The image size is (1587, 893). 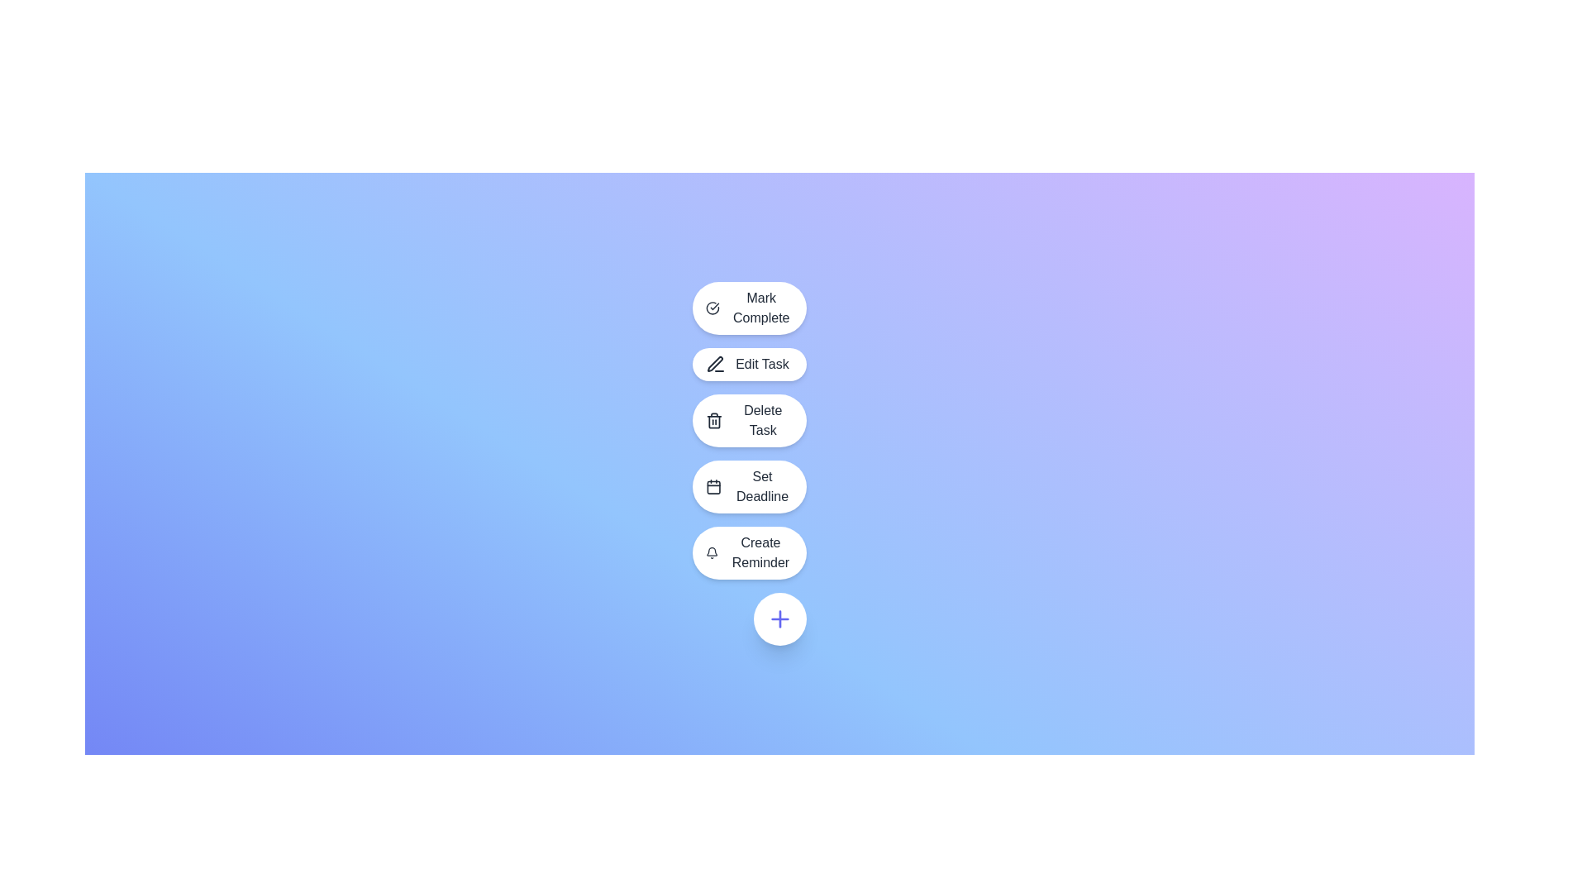 What do you see at coordinates (712, 308) in the screenshot?
I see `the circular checkmark icon of the 'Mark Complete' button, which is positioned to the left of the text 'Mark Complete' and is the first option in a vertical stack of action buttons` at bounding box center [712, 308].